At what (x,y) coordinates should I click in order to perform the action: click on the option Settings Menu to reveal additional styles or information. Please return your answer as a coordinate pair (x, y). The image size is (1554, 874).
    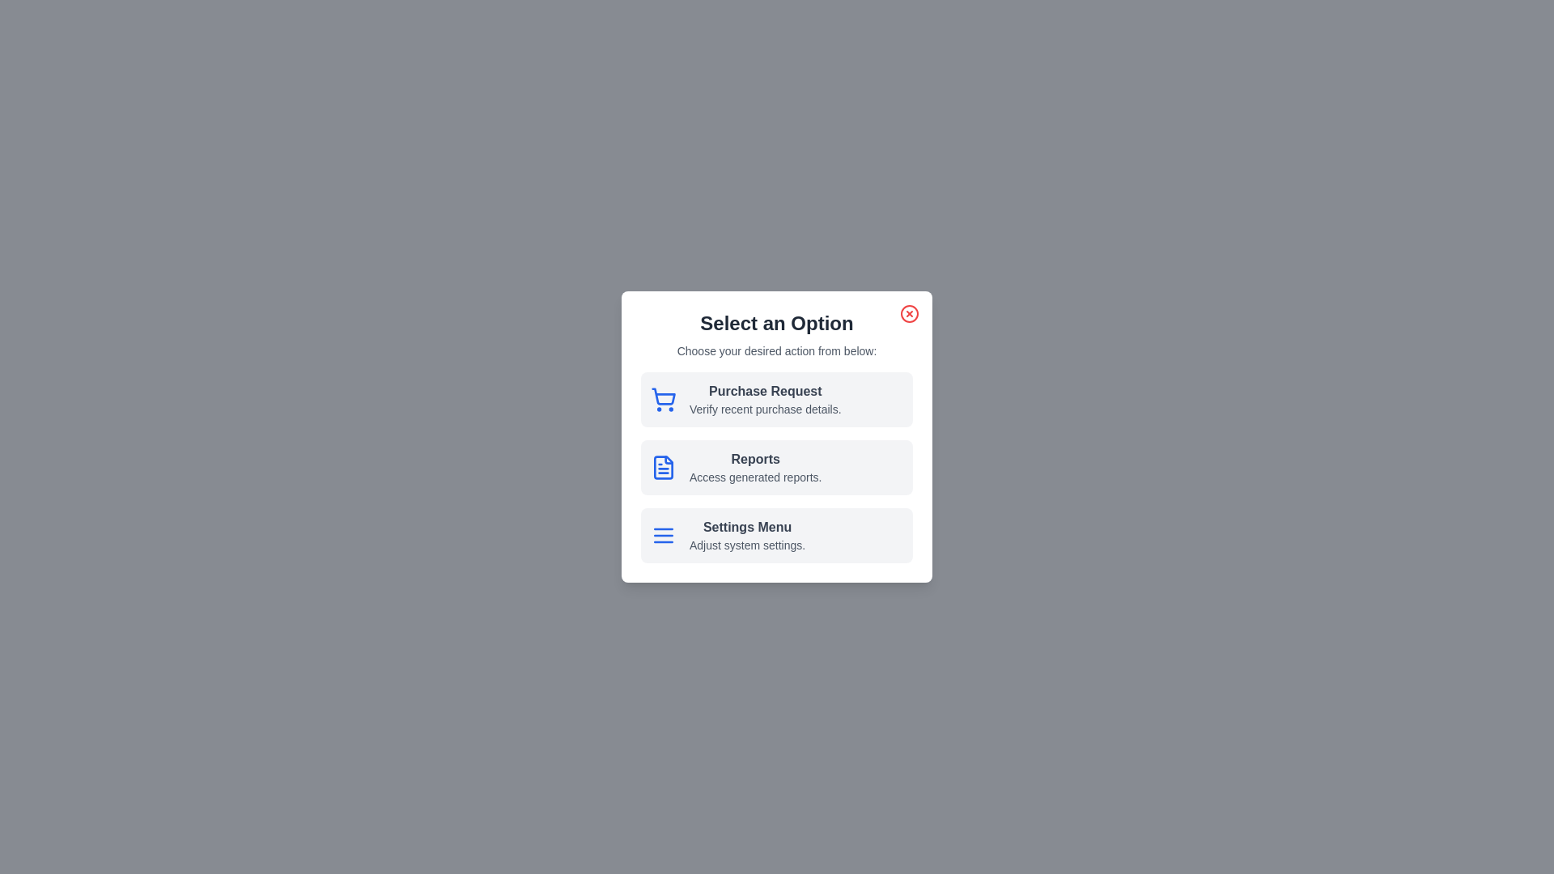
    Looking at the image, I should click on (777, 536).